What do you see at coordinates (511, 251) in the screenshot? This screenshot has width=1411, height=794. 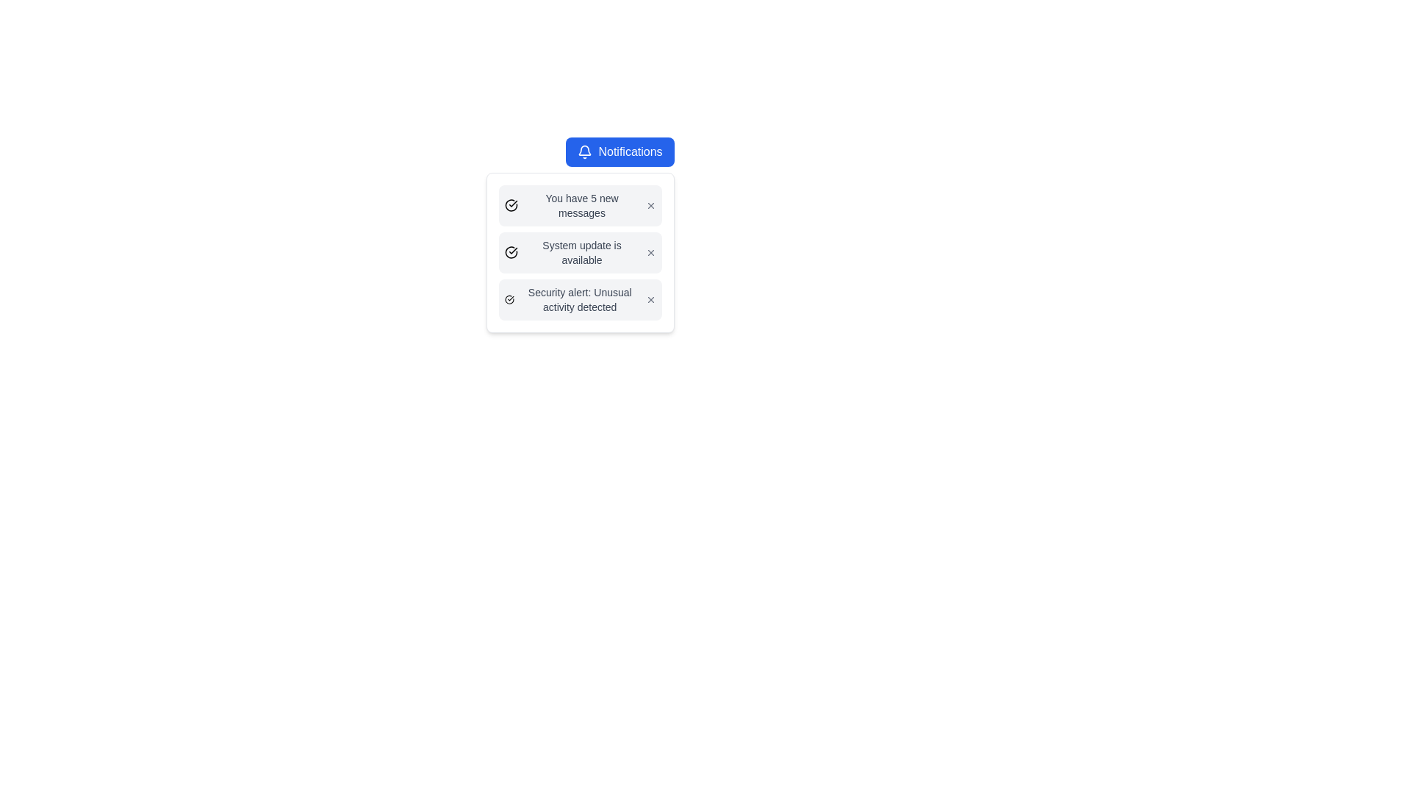 I see `the circular vector icon component located to the left of the notification text 'System update is available.'` at bounding box center [511, 251].